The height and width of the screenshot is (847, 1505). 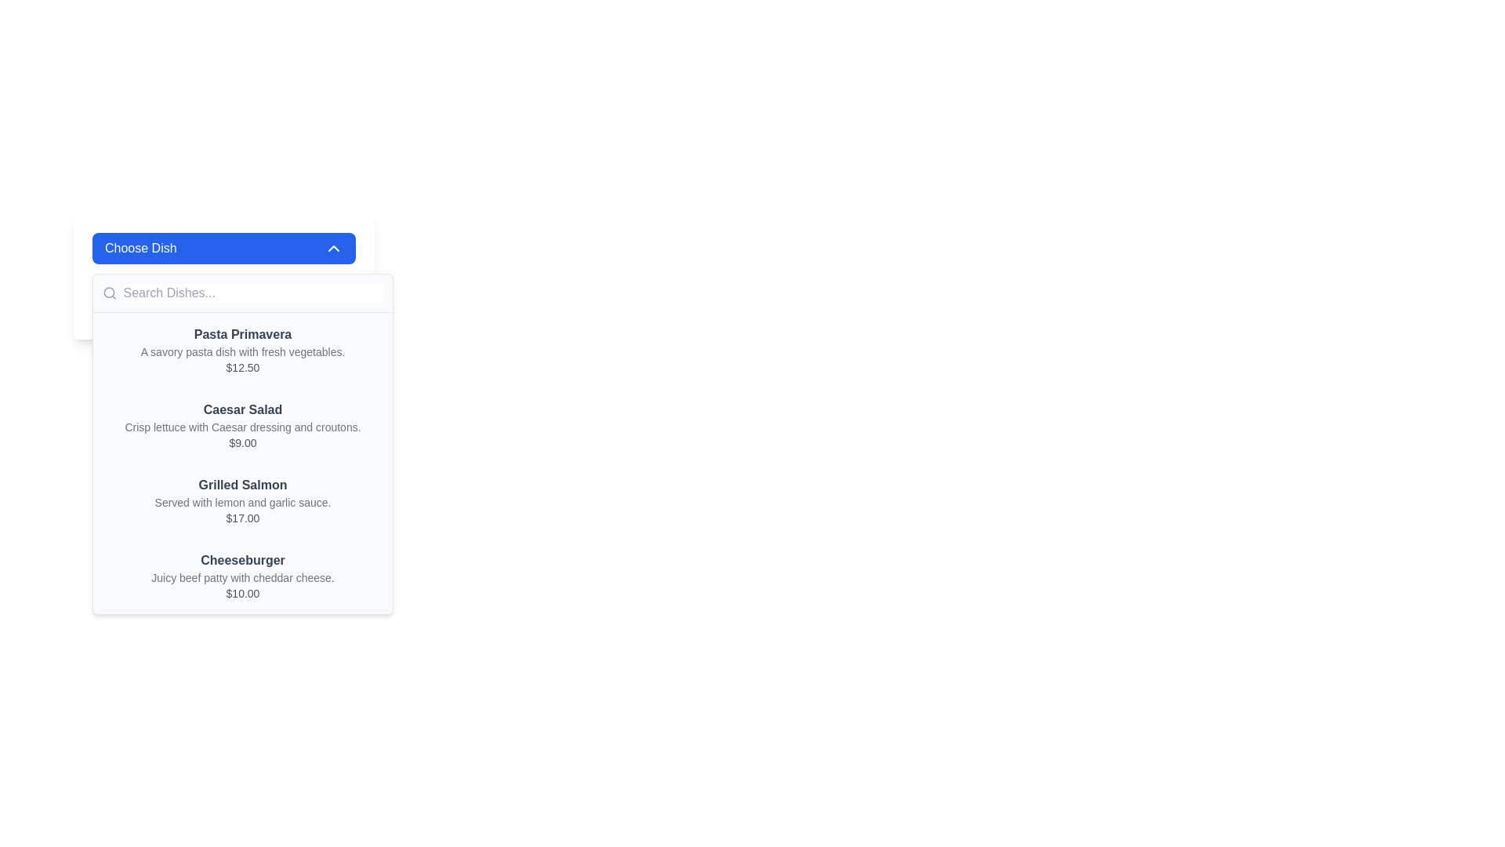 What do you see at coordinates (242, 351) in the screenshot?
I see `the text label displaying 'A savory pasta dish with fresh vegetables.' which is located below 'Pasta Primavera' and above the price '$12.50'` at bounding box center [242, 351].